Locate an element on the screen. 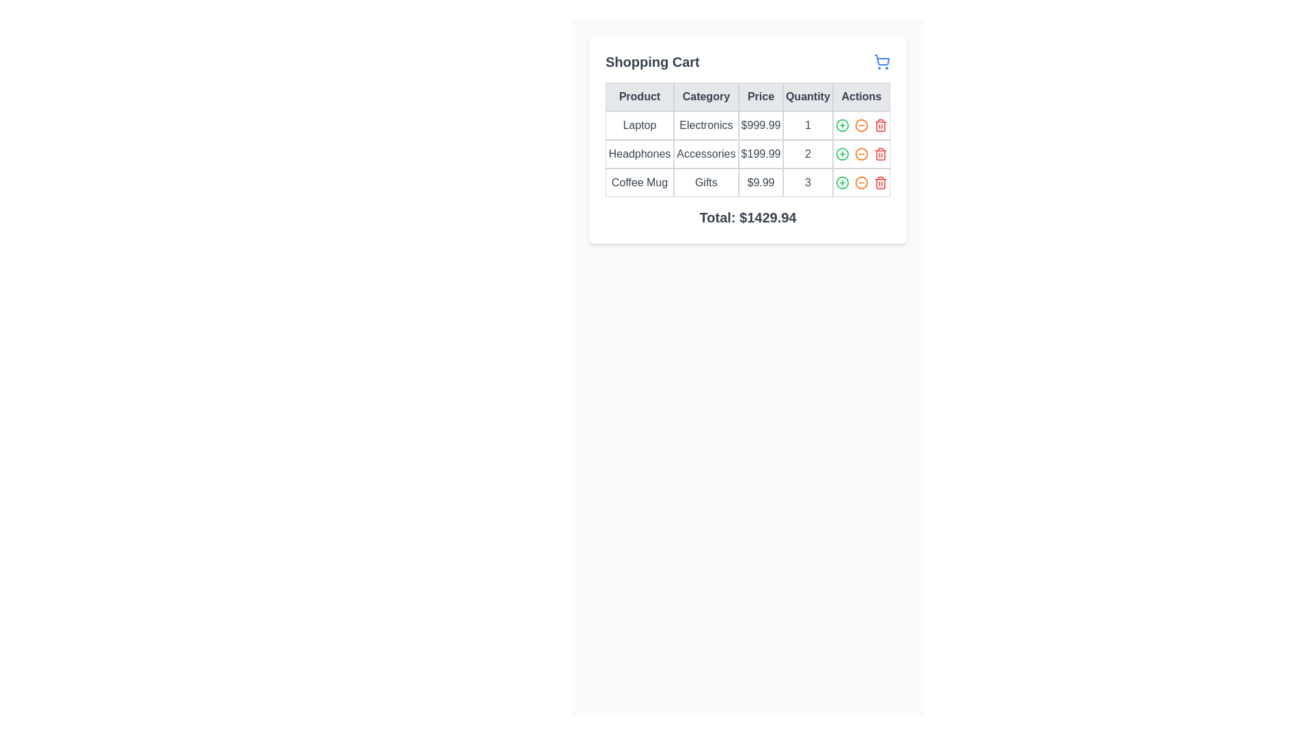 This screenshot has height=737, width=1311. the 'Gifts' text label in the third column of the shopping cart interface for the 'Coffee Mug' product is located at coordinates (706, 182).